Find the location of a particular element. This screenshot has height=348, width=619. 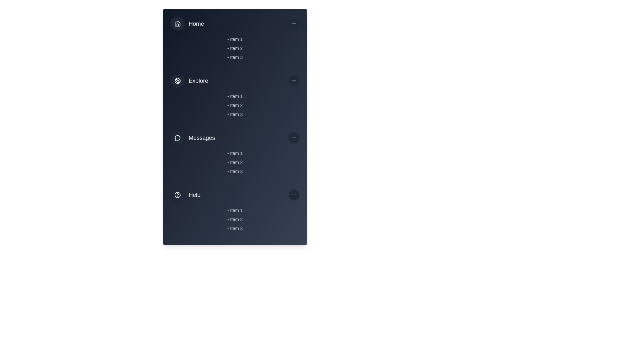

text of the 'Home' label located in the first section of the vertical navigation menu, positioned to the right of a house icon is located at coordinates (196, 23).